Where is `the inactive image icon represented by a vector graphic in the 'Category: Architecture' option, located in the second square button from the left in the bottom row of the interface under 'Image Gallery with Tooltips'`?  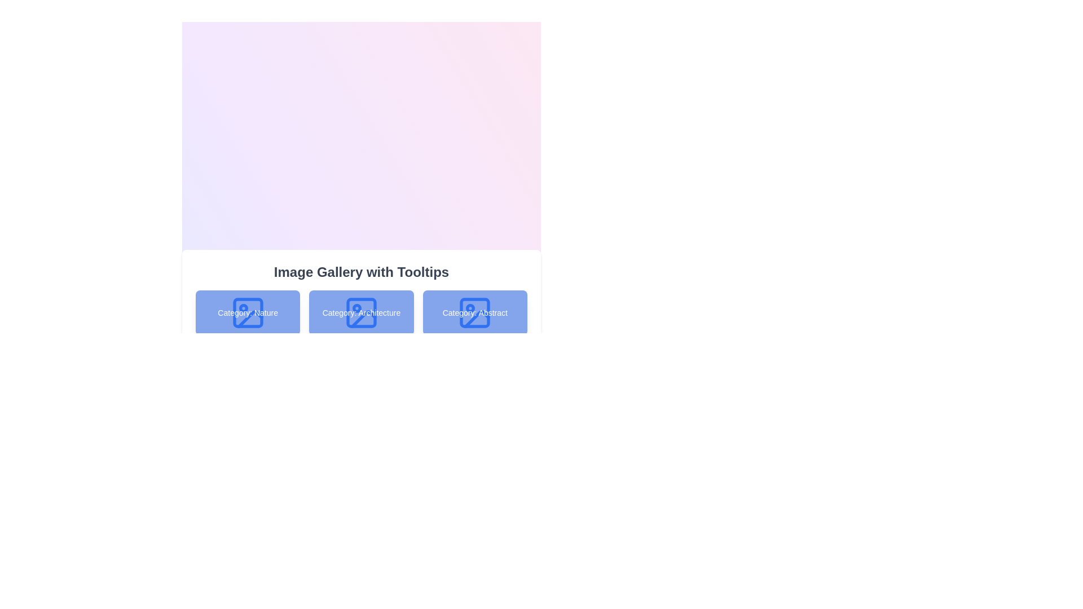 the inactive image icon represented by a vector graphic in the 'Category: Architecture' option, located in the second square button from the left in the bottom row of the interface under 'Image Gallery with Tooltips' is located at coordinates (363, 319).